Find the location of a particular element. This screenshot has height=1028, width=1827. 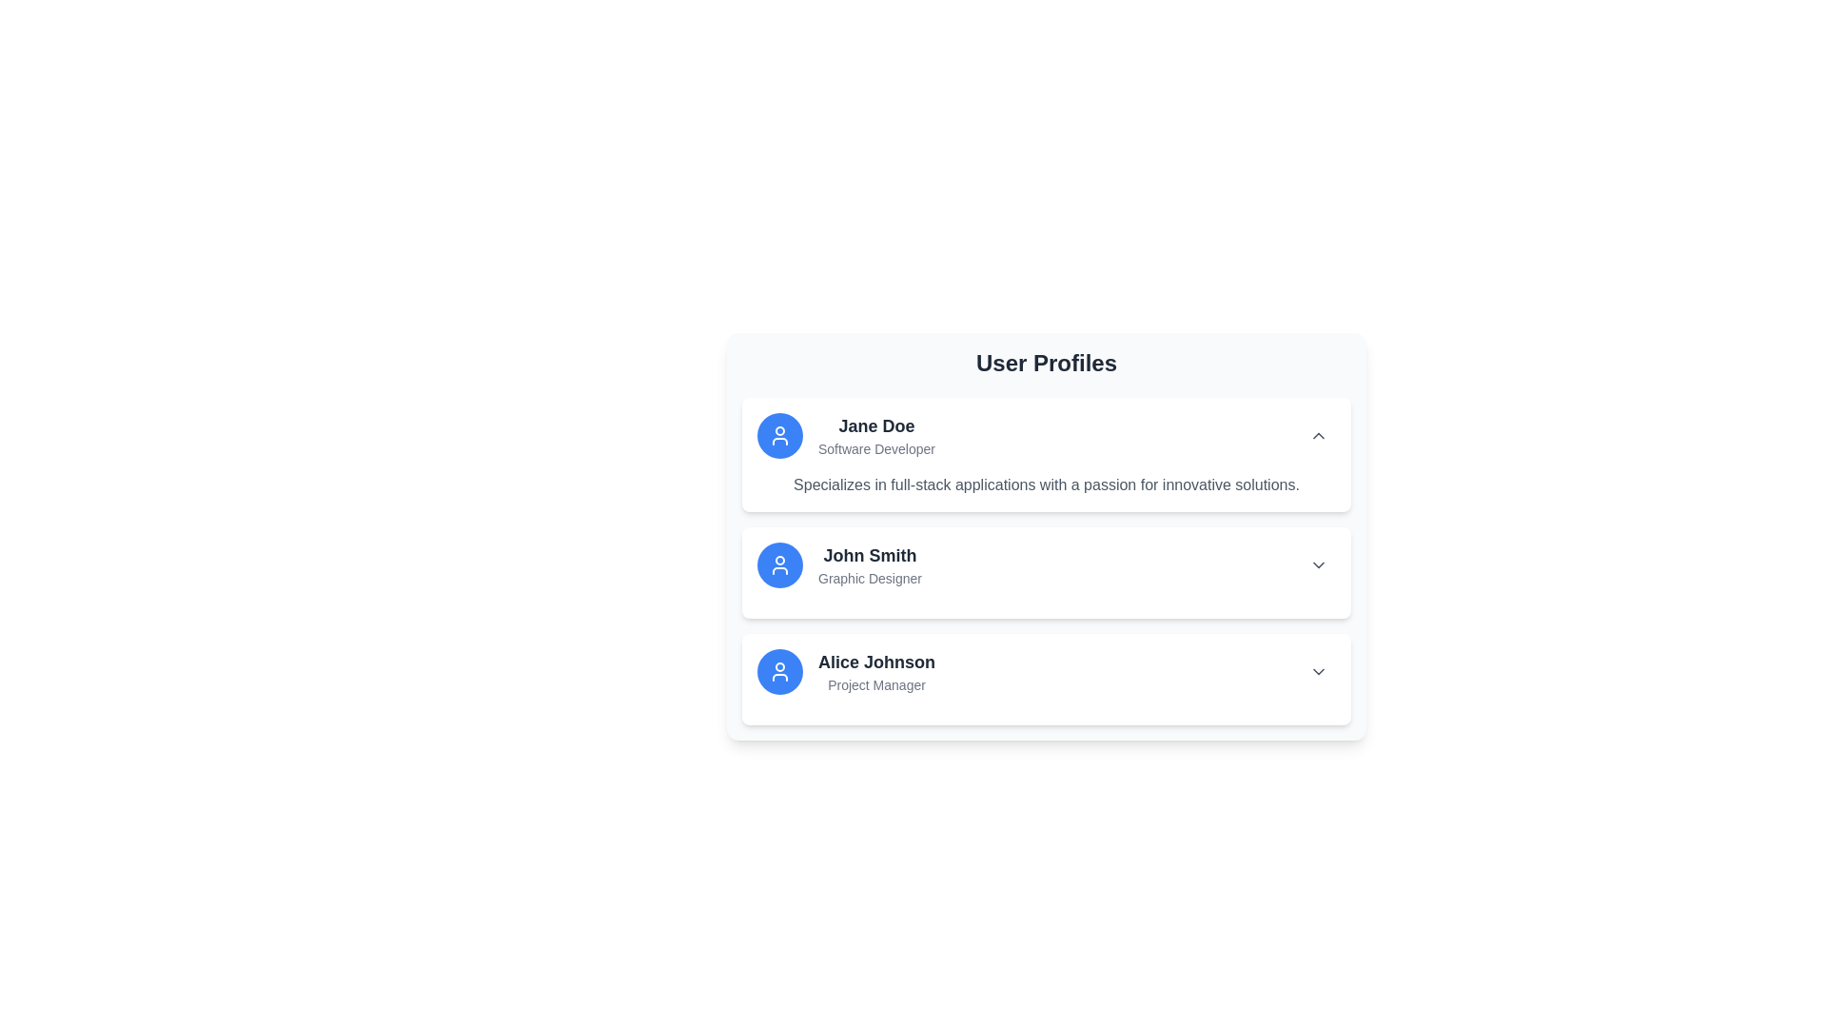

the text 'John Smith' displayed in bold, larger font as the title for the user profile section to read it is located at coordinates (869, 555).